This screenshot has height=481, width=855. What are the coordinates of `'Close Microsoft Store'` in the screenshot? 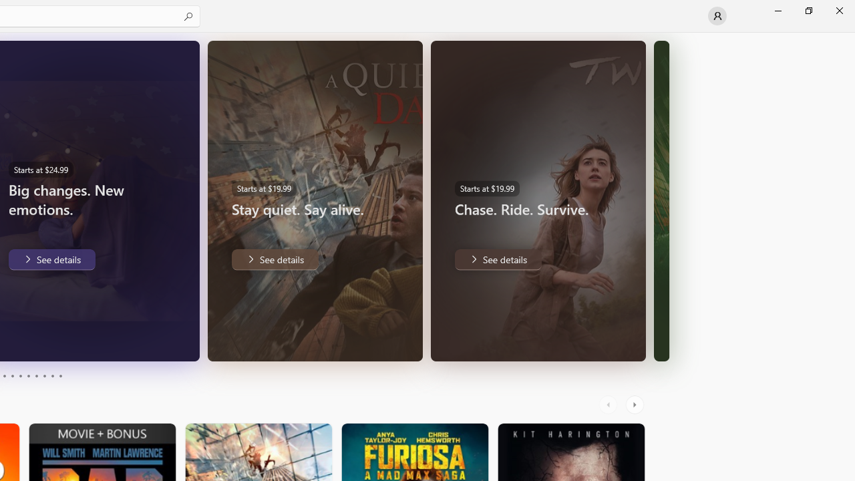 It's located at (838, 10).